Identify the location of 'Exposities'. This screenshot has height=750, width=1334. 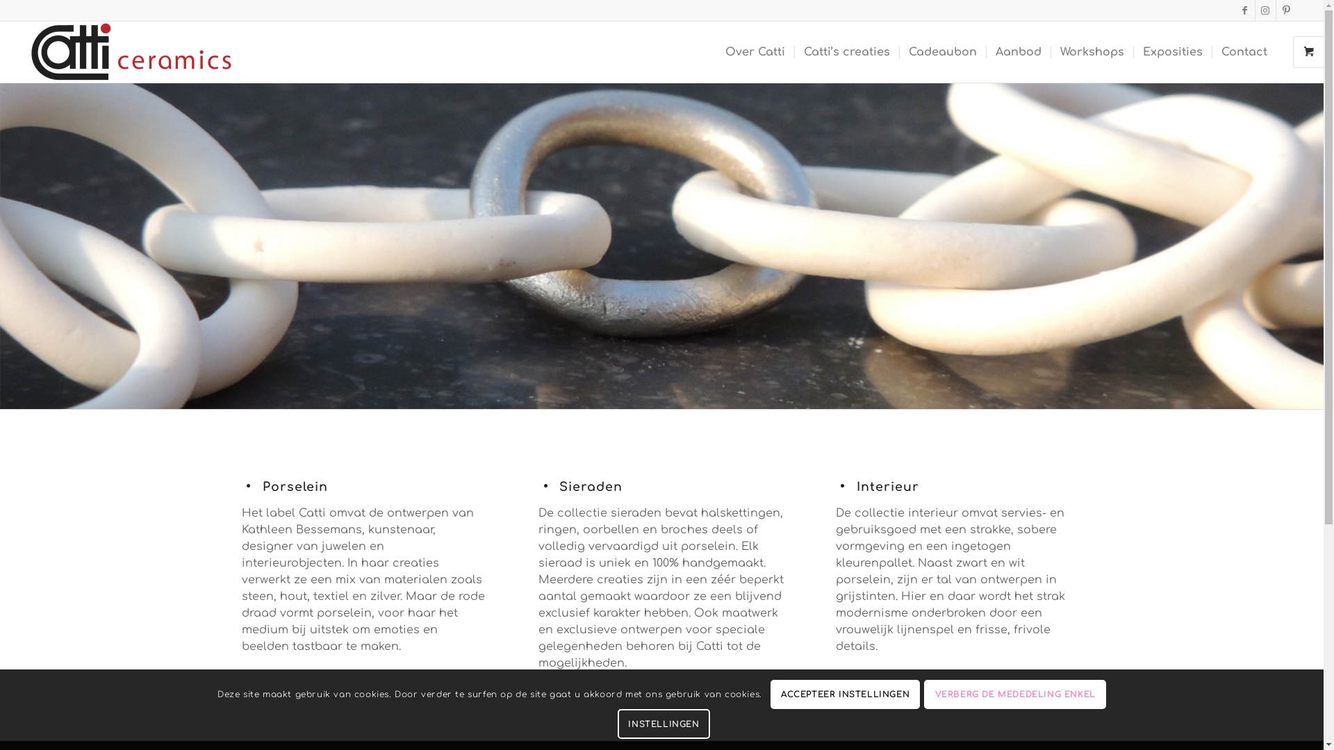
(1171, 51).